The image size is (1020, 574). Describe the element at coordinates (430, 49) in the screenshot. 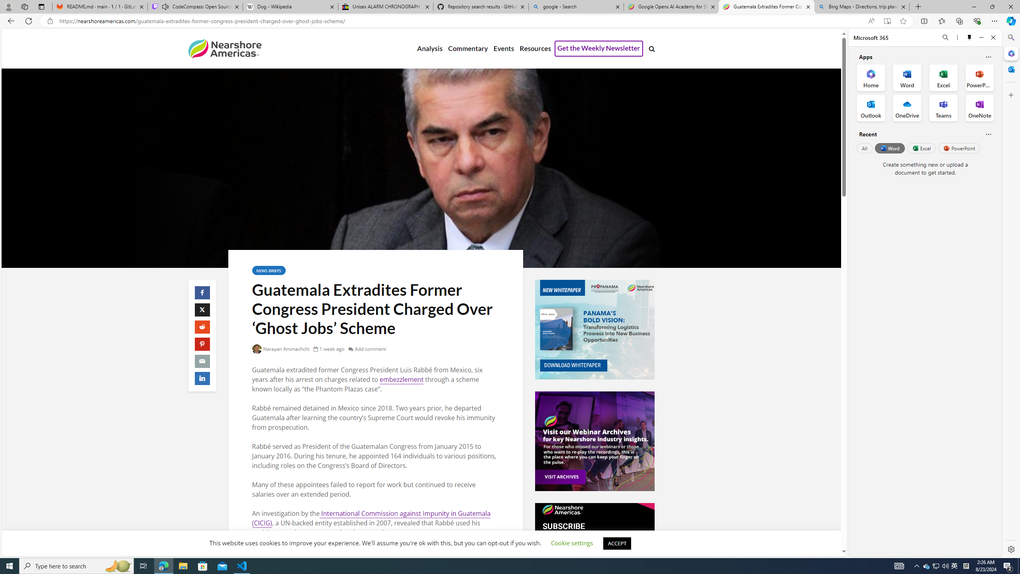

I see `'Analysis'` at that location.